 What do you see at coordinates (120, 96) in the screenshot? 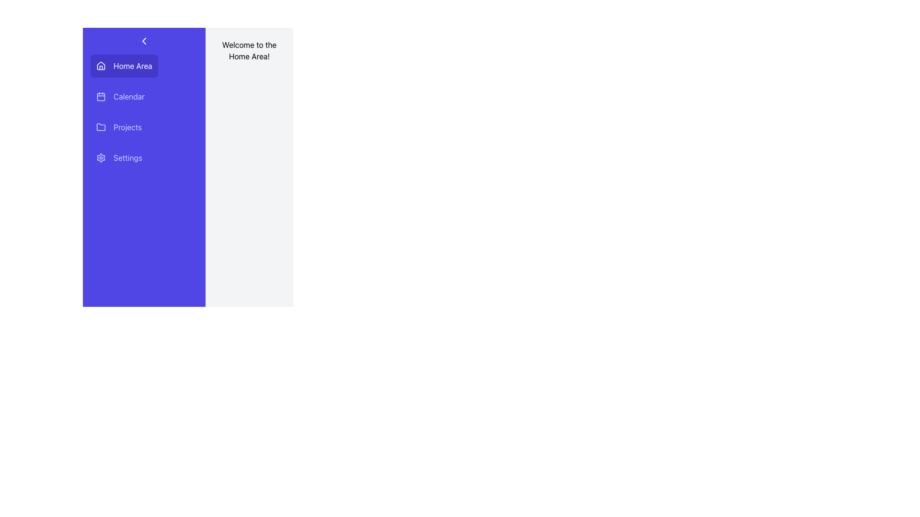
I see `the 'Calendar' button located` at bounding box center [120, 96].